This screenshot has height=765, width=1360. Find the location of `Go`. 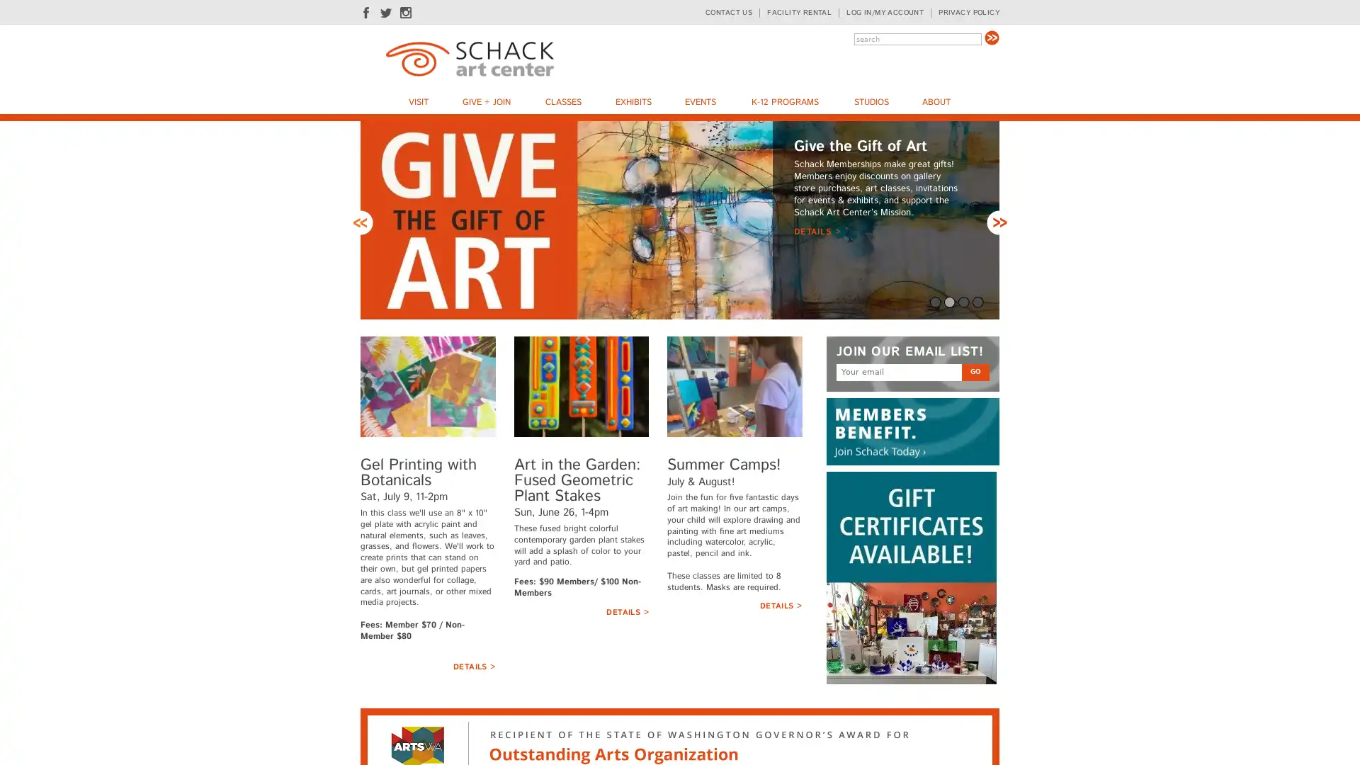

Go is located at coordinates (991, 37).